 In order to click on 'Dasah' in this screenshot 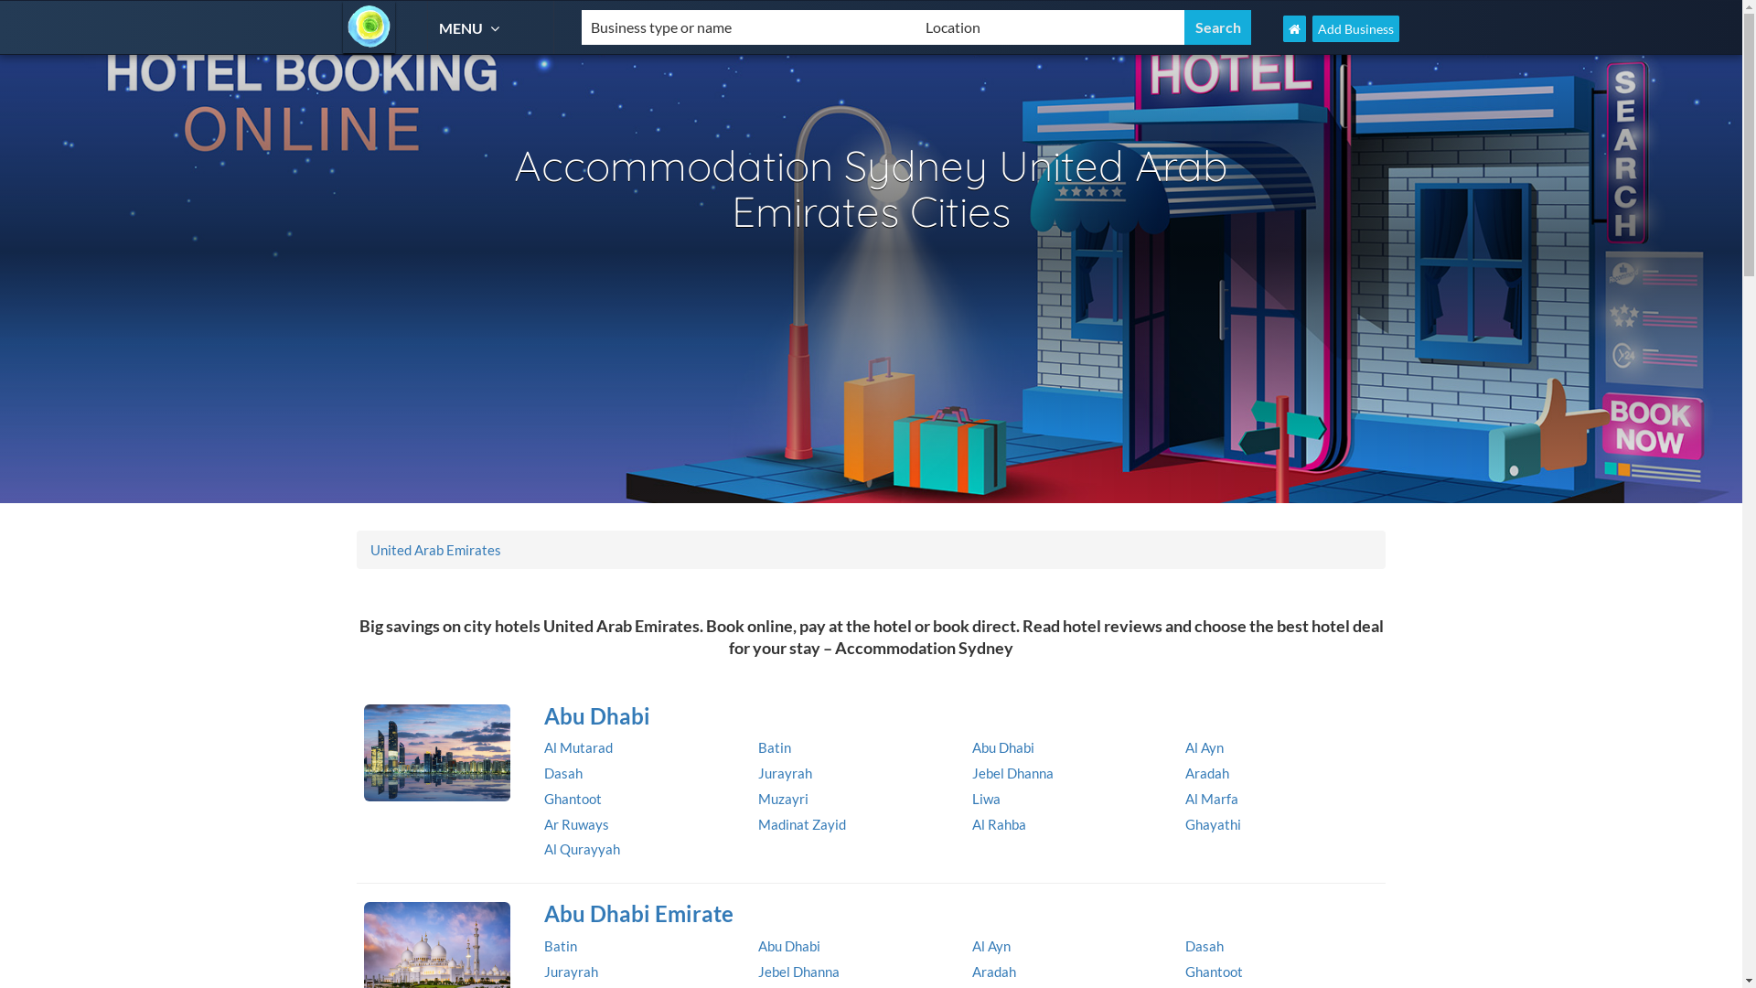, I will do `click(562, 772)`.